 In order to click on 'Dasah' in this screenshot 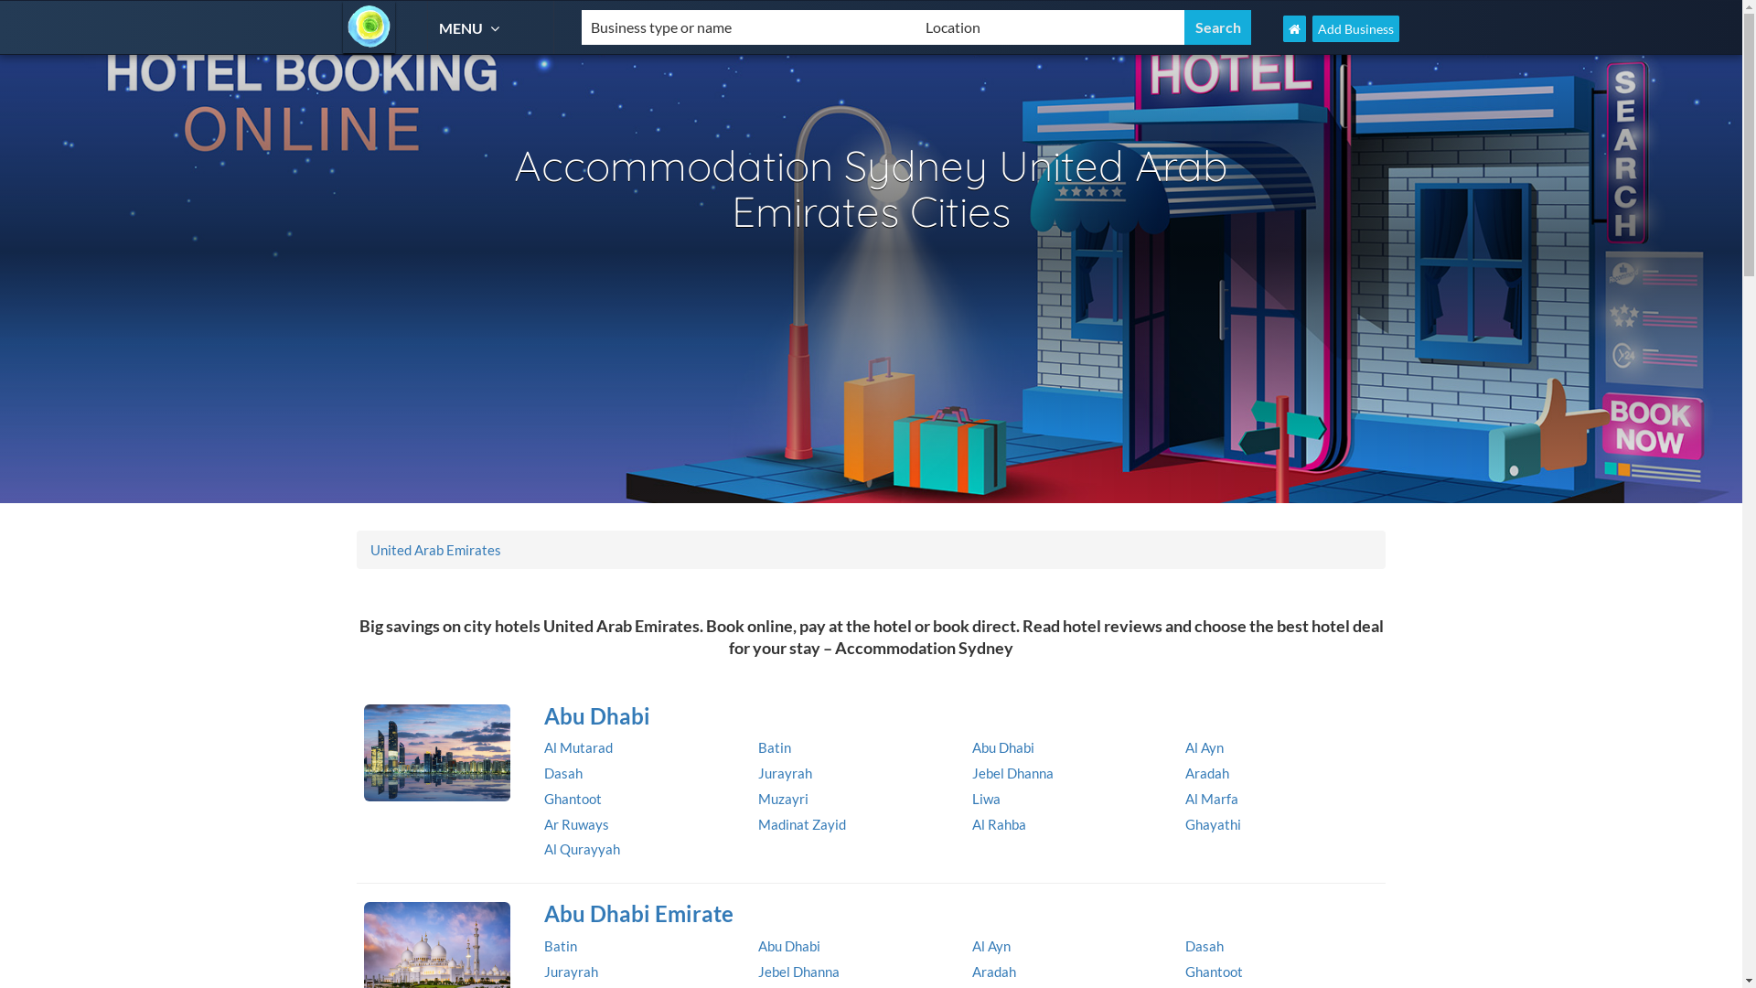, I will do `click(562, 772)`.